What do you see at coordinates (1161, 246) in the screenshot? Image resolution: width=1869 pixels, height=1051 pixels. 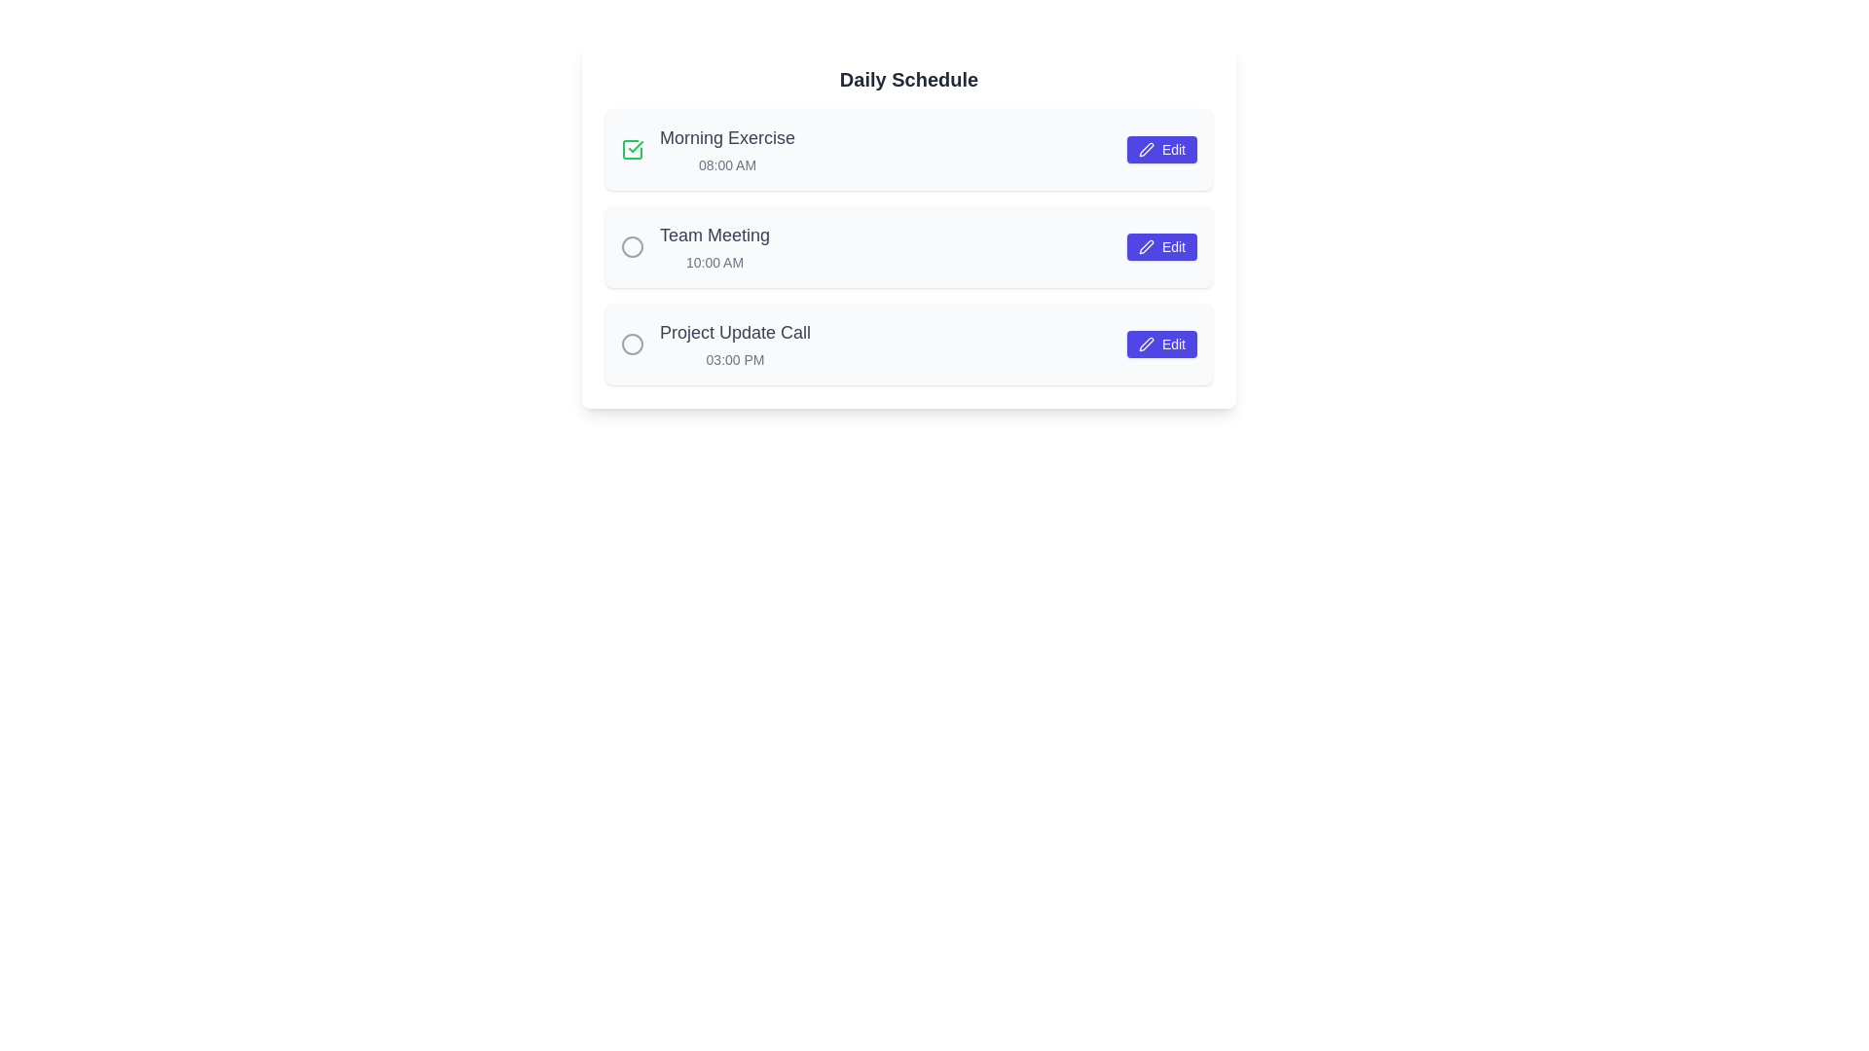 I see `the rectangular button labeled 'Edit' with a purple background located to the right of the 'Team Meeting' section` at bounding box center [1161, 246].